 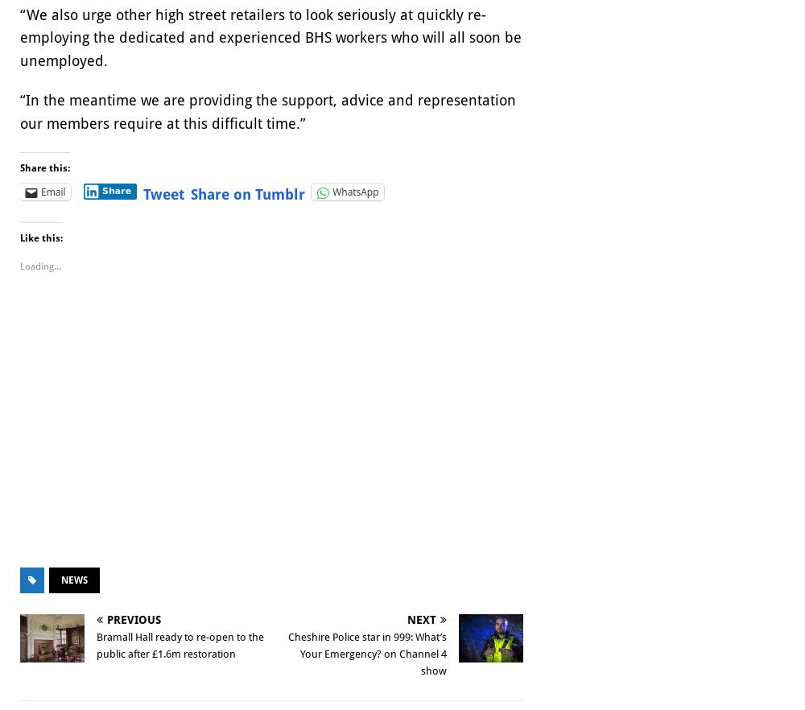 What do you see at coordinates (267, 111) in the screenshot?
I see `'“In the meantime we are providing the support, advice and representation our members require at this difficult time.”'` at bounding box center [267, 111].